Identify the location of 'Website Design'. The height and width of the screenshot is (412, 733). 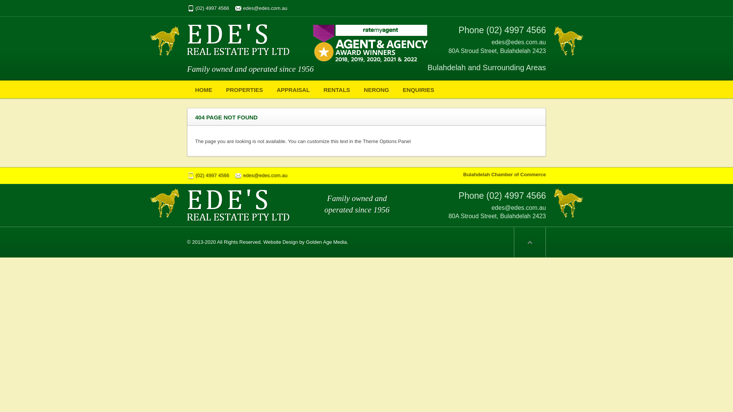
(280, 242).